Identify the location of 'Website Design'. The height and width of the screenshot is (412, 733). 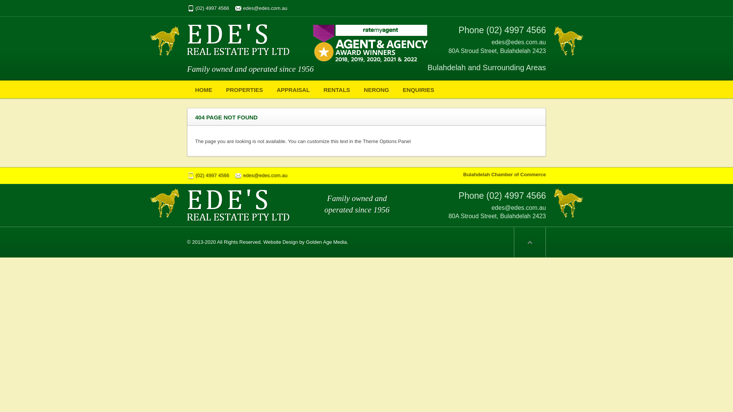
(280, 242).